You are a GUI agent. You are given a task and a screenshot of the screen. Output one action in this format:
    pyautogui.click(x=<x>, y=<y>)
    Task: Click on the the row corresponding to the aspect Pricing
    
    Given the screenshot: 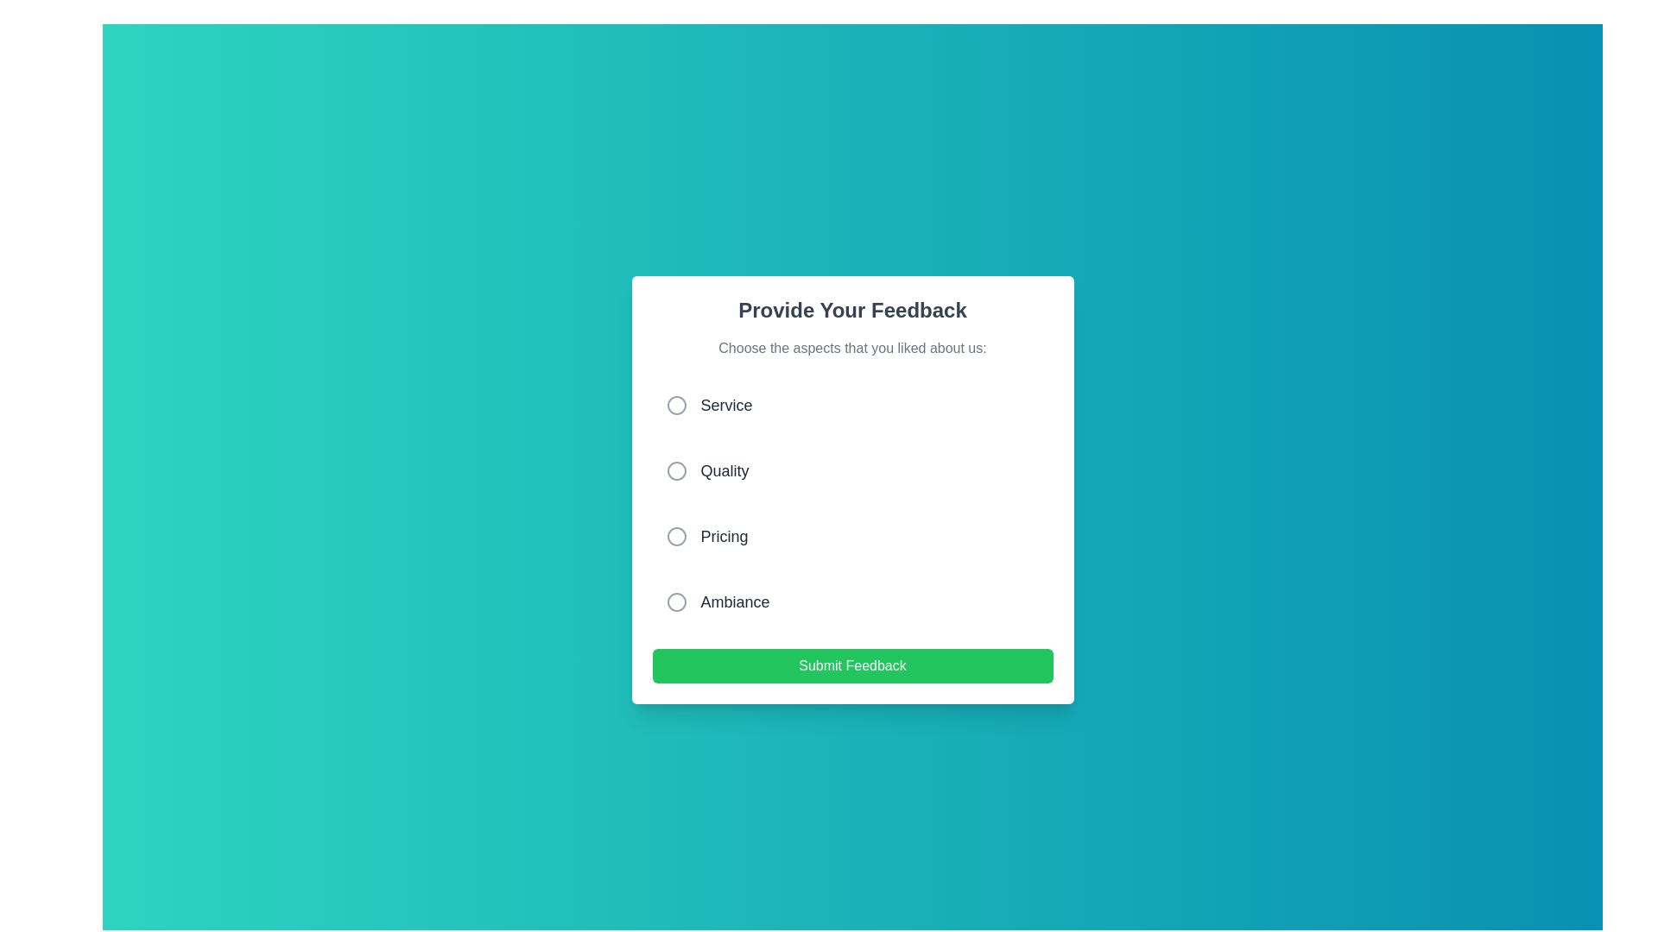 What is the action you would take?
    pyautogui.click(x=852, y=535)
    